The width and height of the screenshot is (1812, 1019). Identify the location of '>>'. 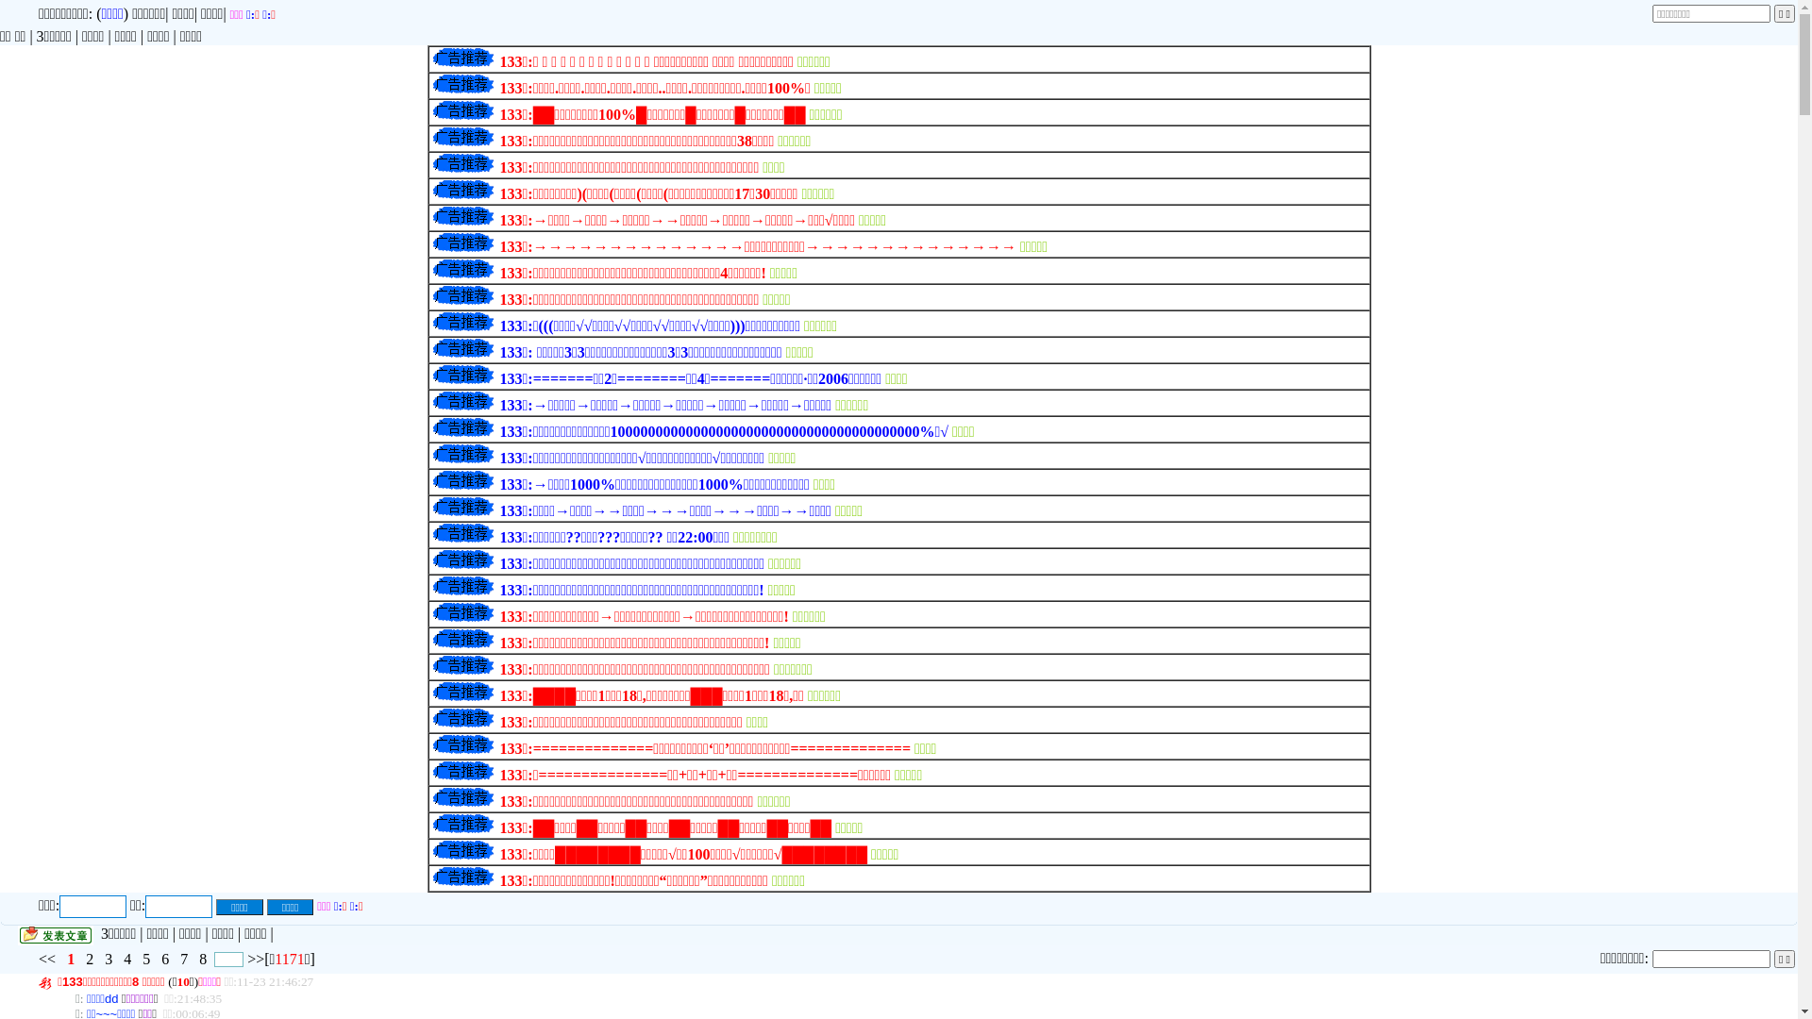
(254, 959).